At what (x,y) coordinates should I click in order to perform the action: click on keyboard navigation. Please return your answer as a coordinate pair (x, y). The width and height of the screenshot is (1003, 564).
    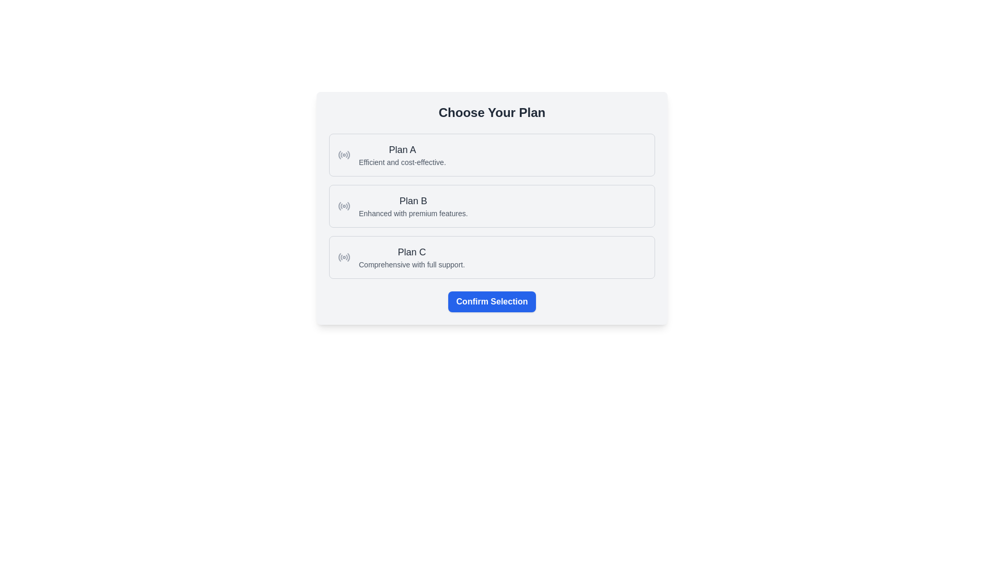
    Looking at the image, I should click on (491, 206).